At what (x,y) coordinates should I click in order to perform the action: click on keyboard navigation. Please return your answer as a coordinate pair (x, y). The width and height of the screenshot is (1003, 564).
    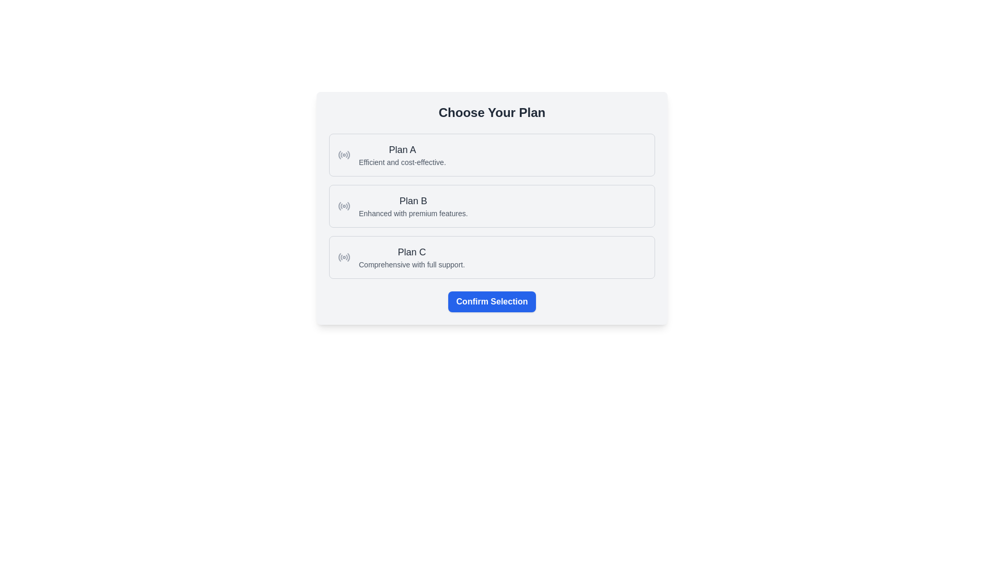
    Looking at the image, I should click on (491, 206).